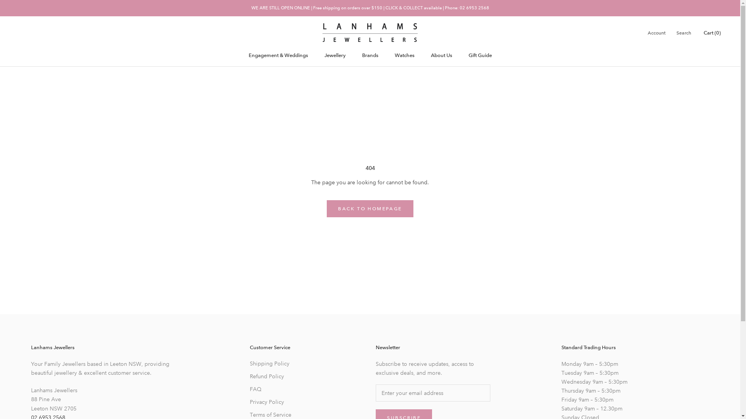  What do you see at coordinates (684, 33) in the screenshot?
I see `'Search'` at bounding box center [684, 33].